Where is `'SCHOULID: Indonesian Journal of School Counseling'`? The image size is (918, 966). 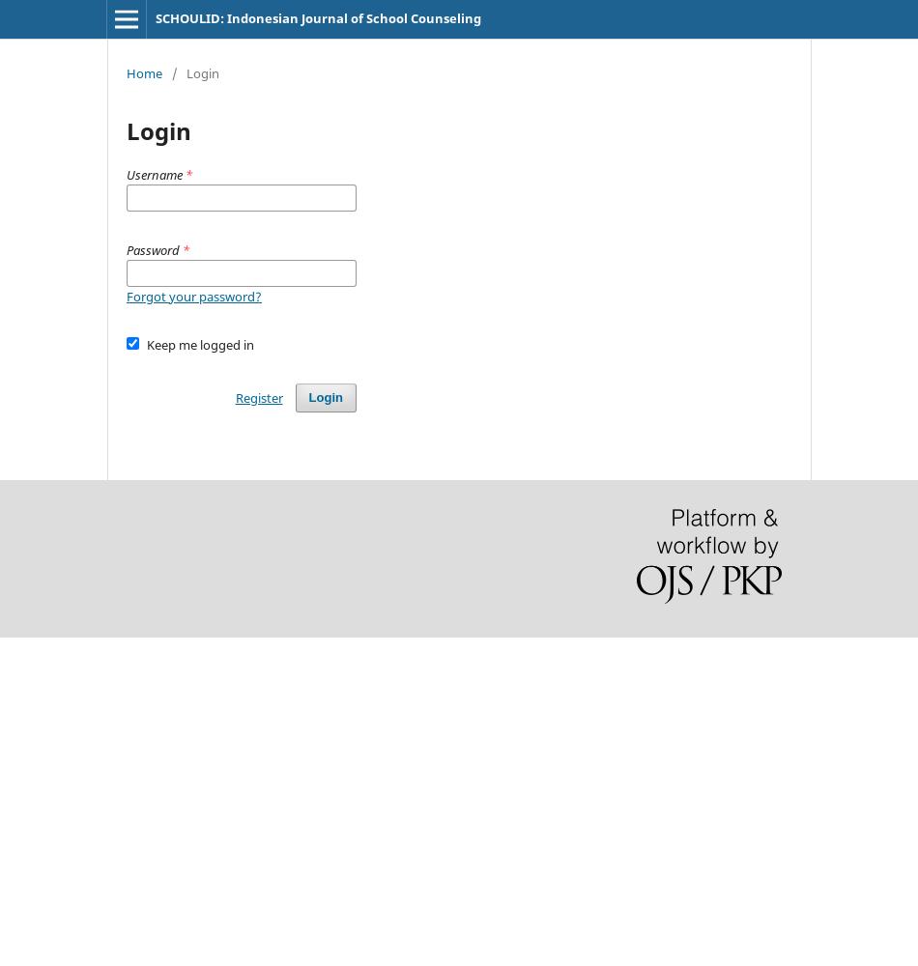
'SCHOULID: Indonesian Journal of School Counseling' is located at coordinates (316, 18).